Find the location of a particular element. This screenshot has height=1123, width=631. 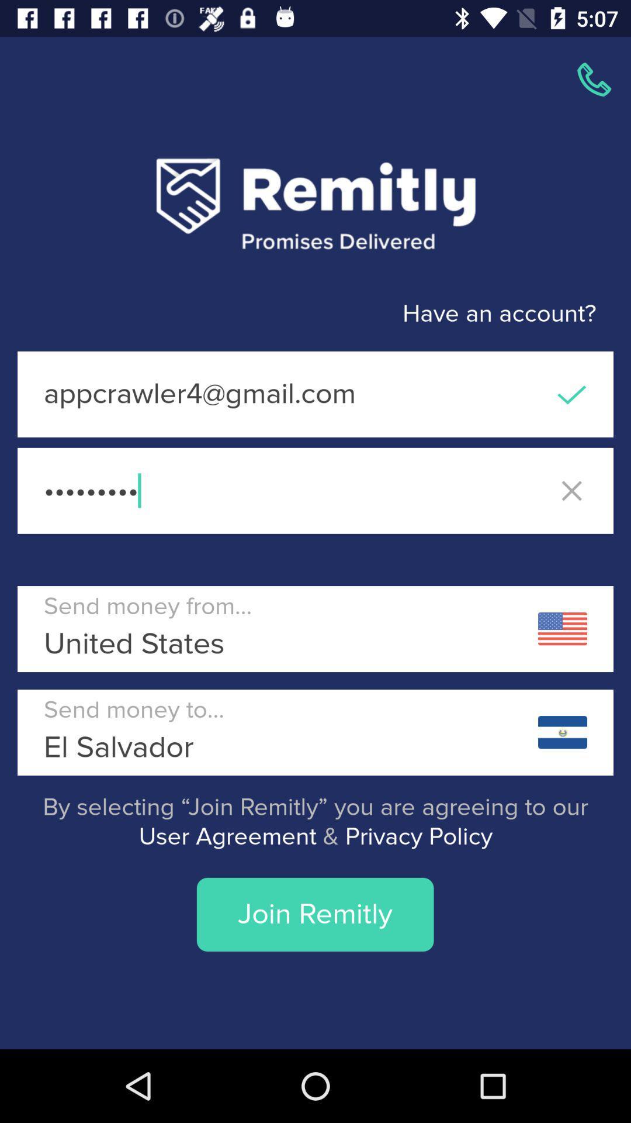

the icon above appcrawler4@gmail.com is located at coordinates (297, 314).